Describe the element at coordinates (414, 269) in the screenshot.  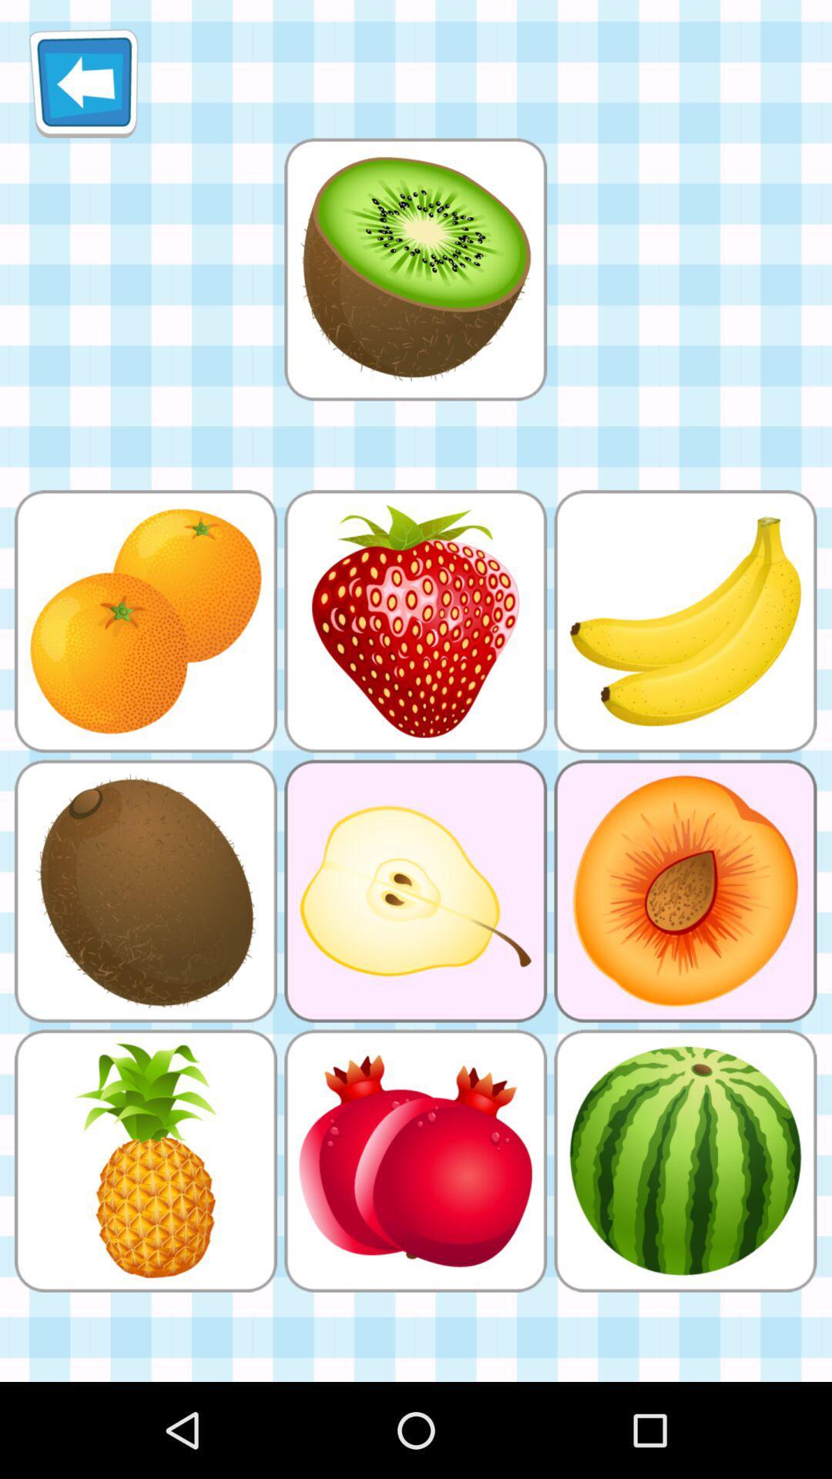
I see `kiwifruit` at that location.